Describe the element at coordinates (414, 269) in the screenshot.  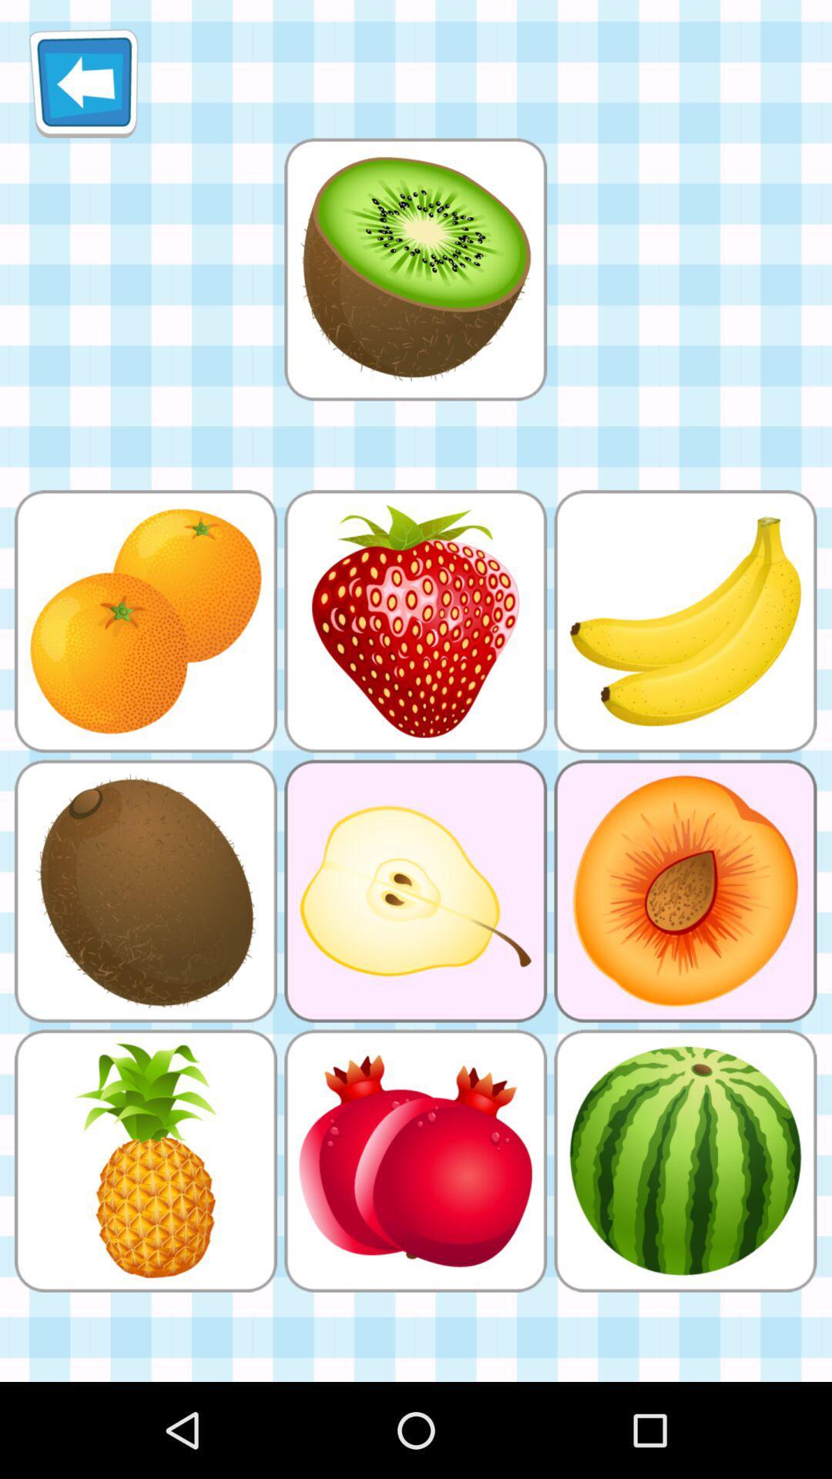
I see `kiwifruit` at that location.